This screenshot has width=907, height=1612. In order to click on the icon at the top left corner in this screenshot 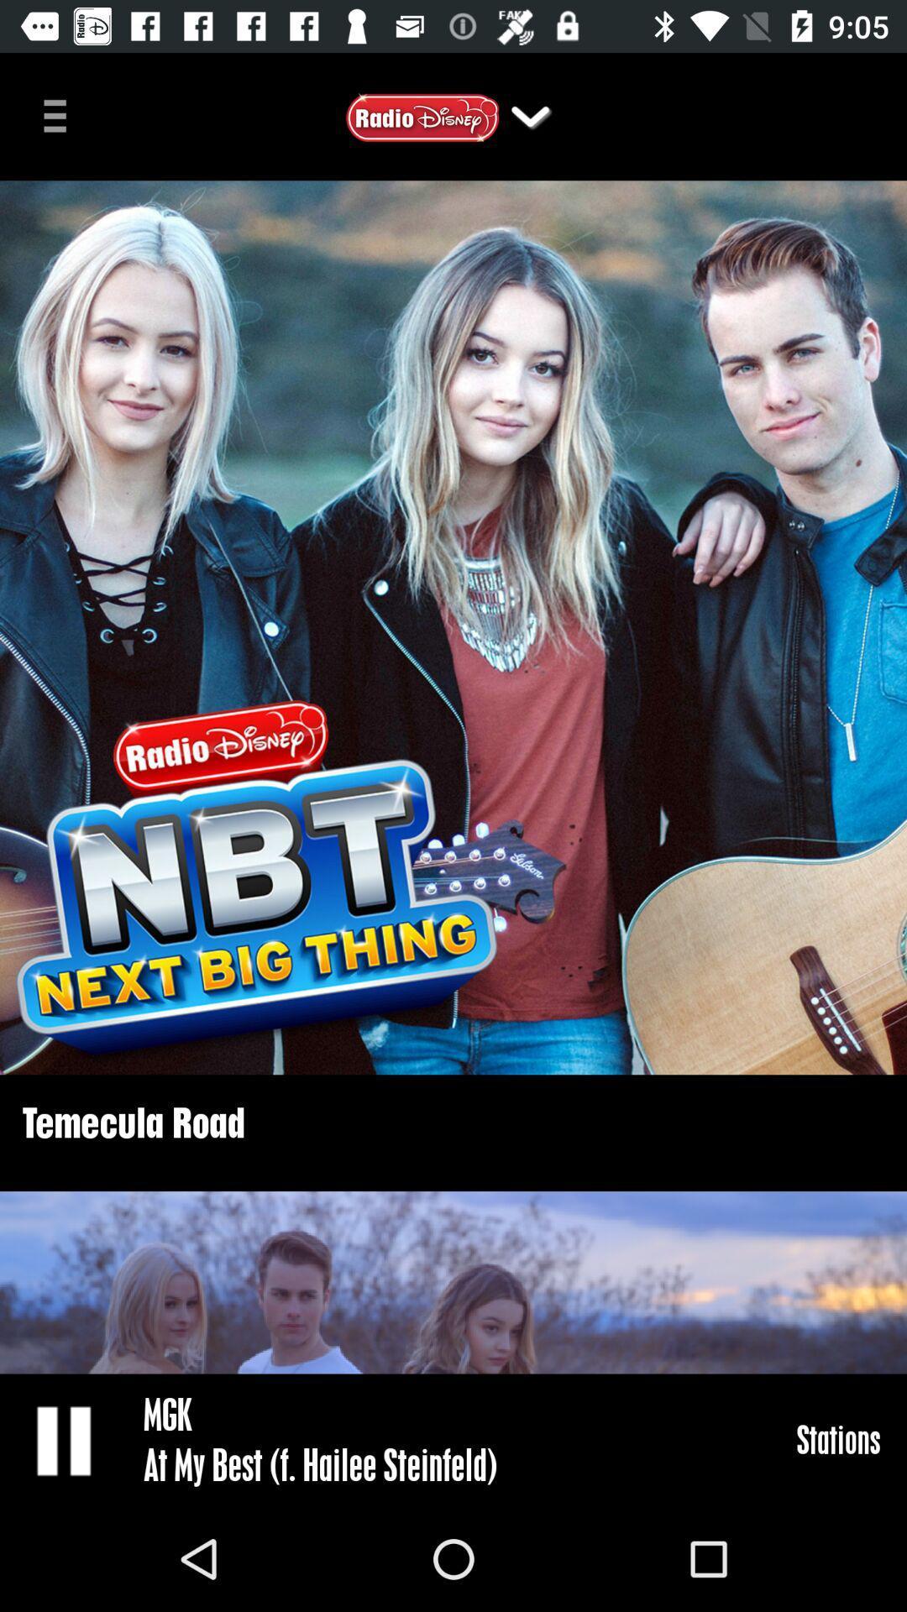, I will do `click(60, 113)`.